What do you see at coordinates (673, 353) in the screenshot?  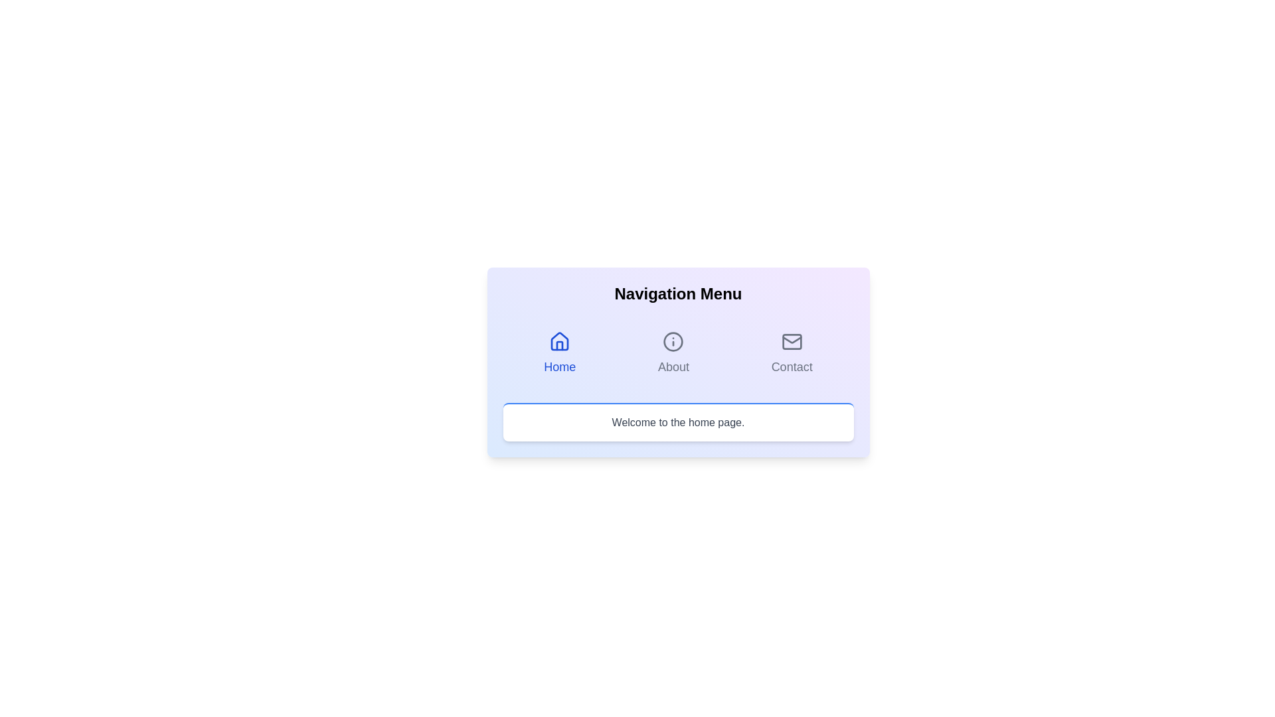 I see `the About tab in the navigation menu to observe the content change` at bounding box center [673, 353].